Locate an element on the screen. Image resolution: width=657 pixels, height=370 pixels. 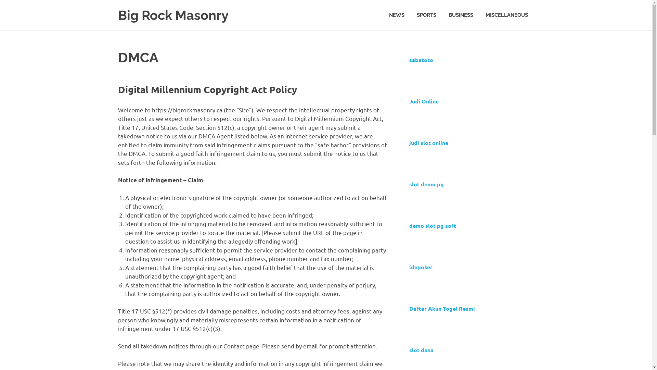
'slot dana' is located at coordinates (409, 350).